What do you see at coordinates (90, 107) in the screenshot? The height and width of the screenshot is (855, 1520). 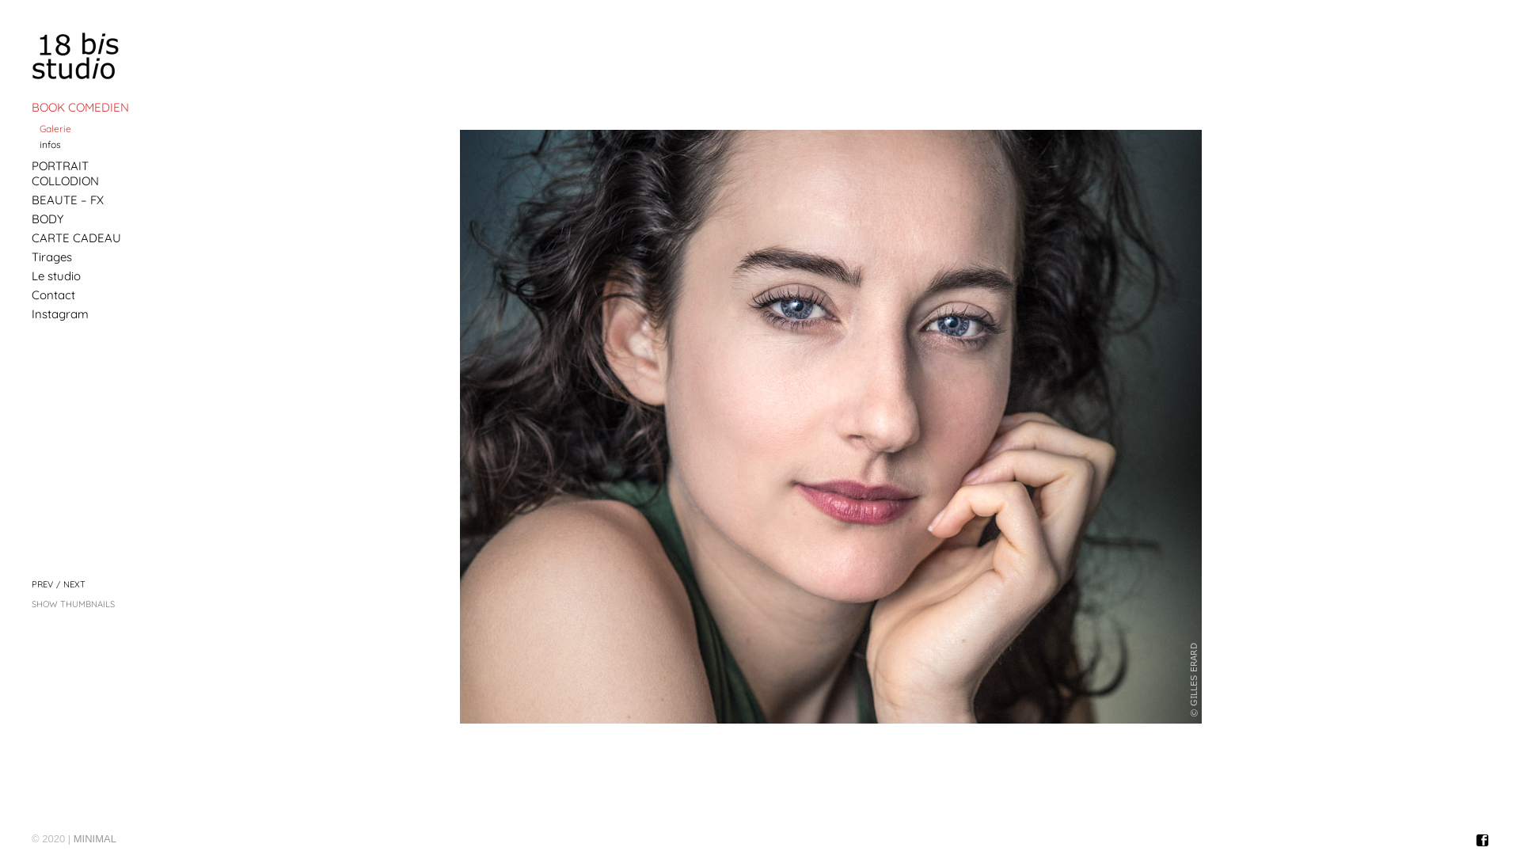 I see `'BOOK COMEDIEN'` at bounding box center [90, 107].